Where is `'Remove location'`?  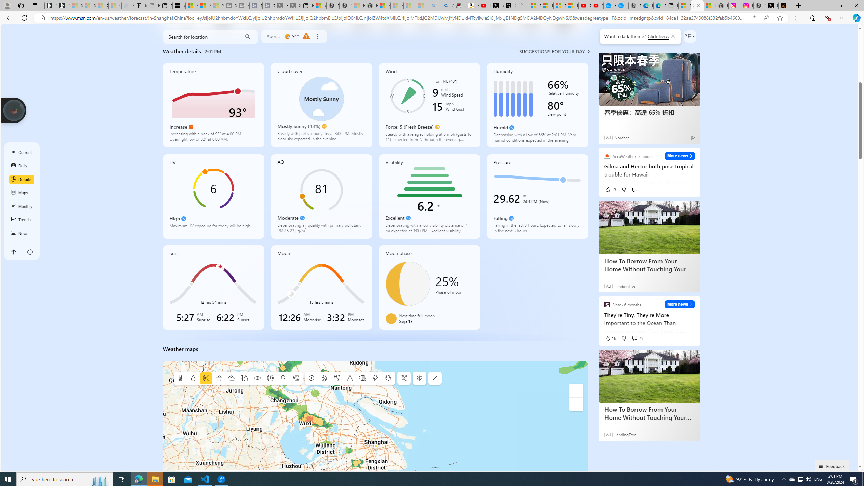 'Remove location' is located at coordinates (317, 36).